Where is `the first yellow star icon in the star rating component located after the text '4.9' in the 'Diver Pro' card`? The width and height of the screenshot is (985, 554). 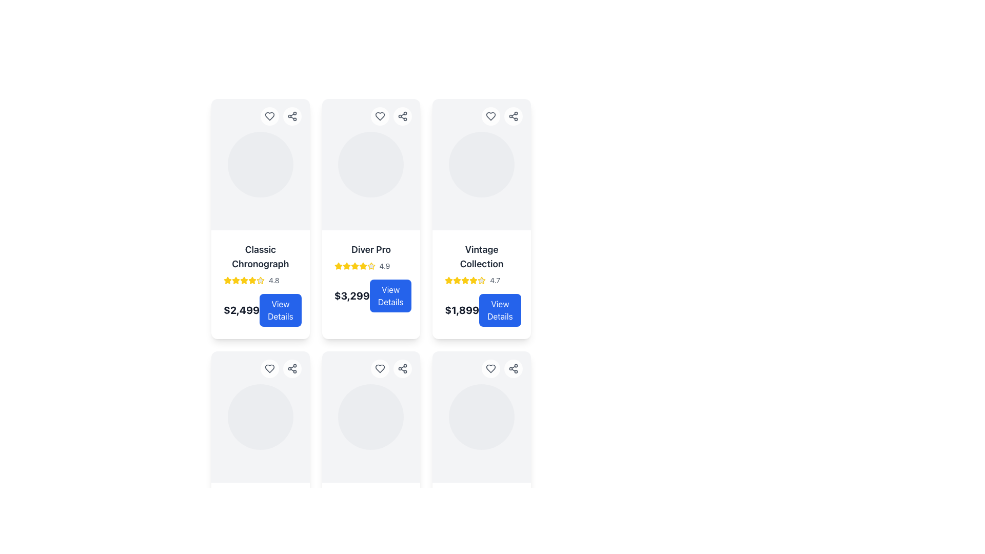 the first yellow star icon in the star rating component located after the text '4.9' in the 'Diver Pro' card is located at coordinates (338, 266).